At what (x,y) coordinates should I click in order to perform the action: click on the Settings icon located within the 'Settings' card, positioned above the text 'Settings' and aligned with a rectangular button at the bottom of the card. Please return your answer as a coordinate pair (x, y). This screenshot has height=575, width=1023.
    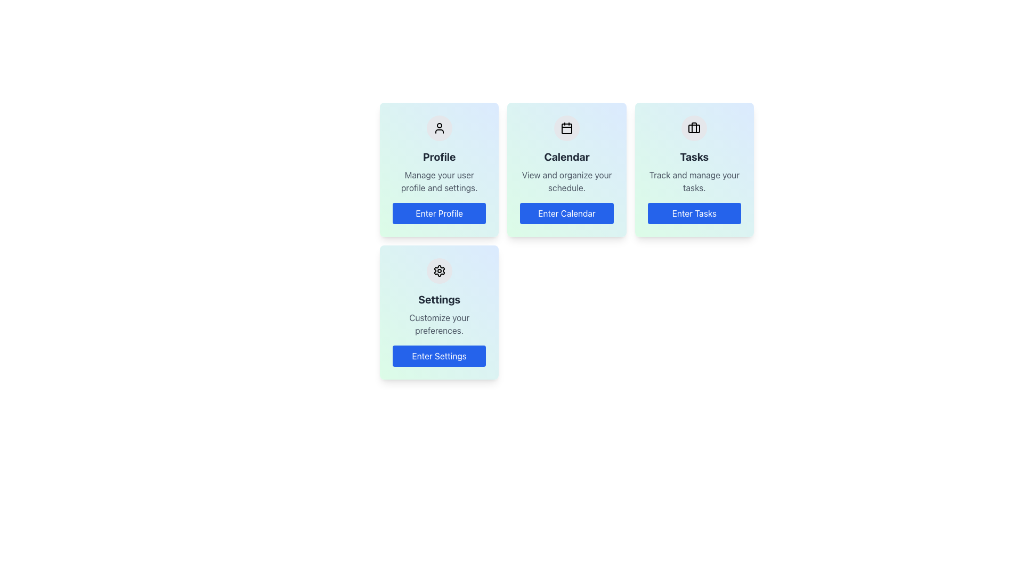
    Looking at the image, I should click on (439, 270).